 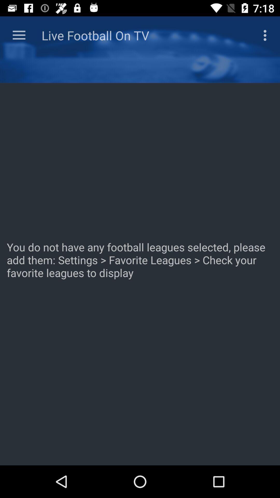 What do you see at coordinates (266, 35) in the screenshot?
I see `the item to the right of live football on icon` at bounding box center [266, 35].